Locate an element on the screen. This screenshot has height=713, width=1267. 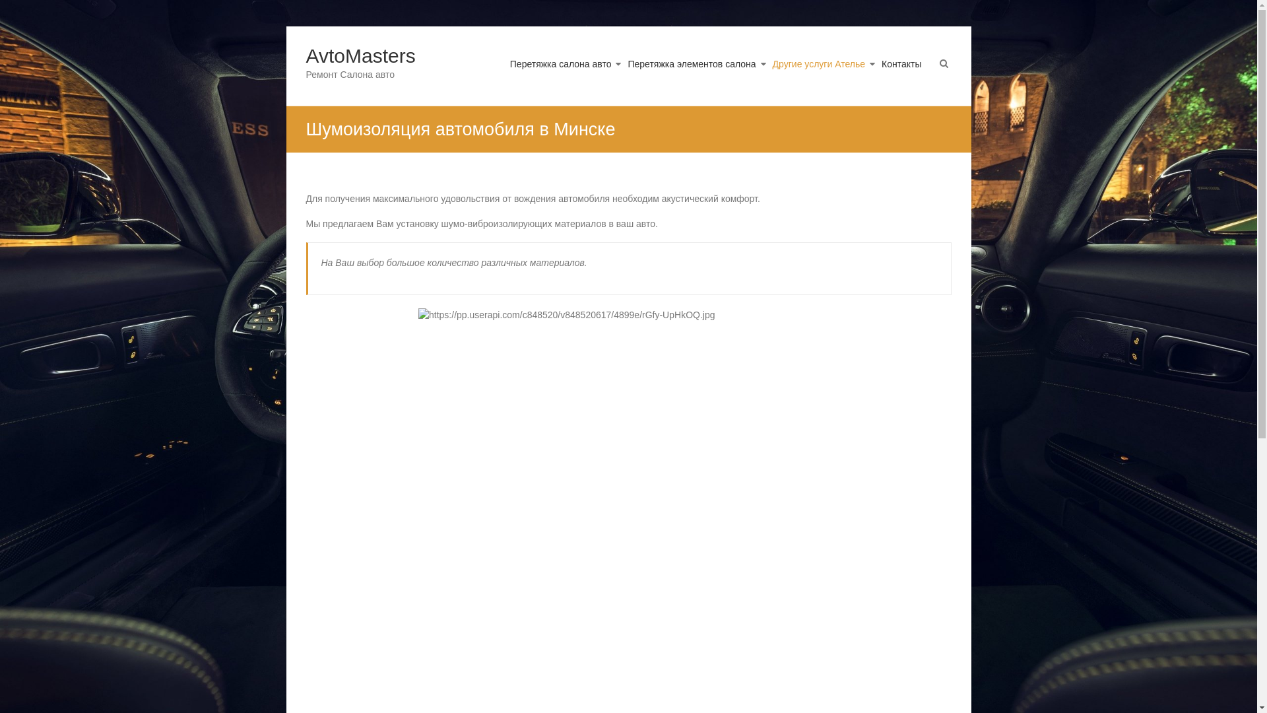
'AvtoMasters' is located at coordinates (361, 55).